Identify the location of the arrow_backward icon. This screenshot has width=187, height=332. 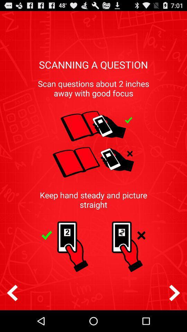
(12, 313).